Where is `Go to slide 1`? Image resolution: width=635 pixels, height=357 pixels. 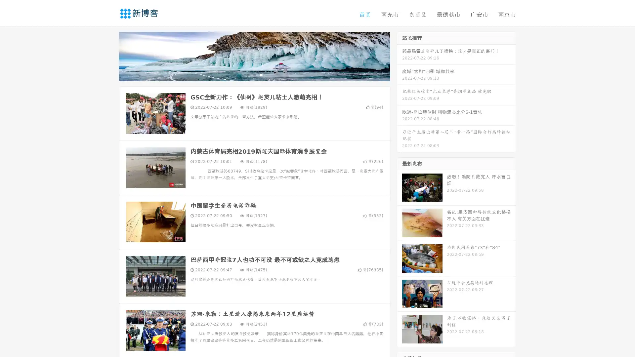
Go to slide 1 is located at coordinates (247, 74).